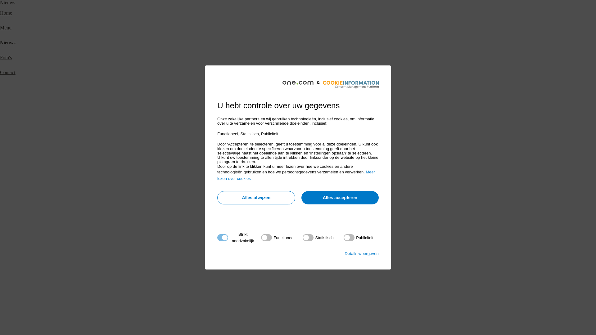  I want to click on 'Foto's', so click(0, 57).